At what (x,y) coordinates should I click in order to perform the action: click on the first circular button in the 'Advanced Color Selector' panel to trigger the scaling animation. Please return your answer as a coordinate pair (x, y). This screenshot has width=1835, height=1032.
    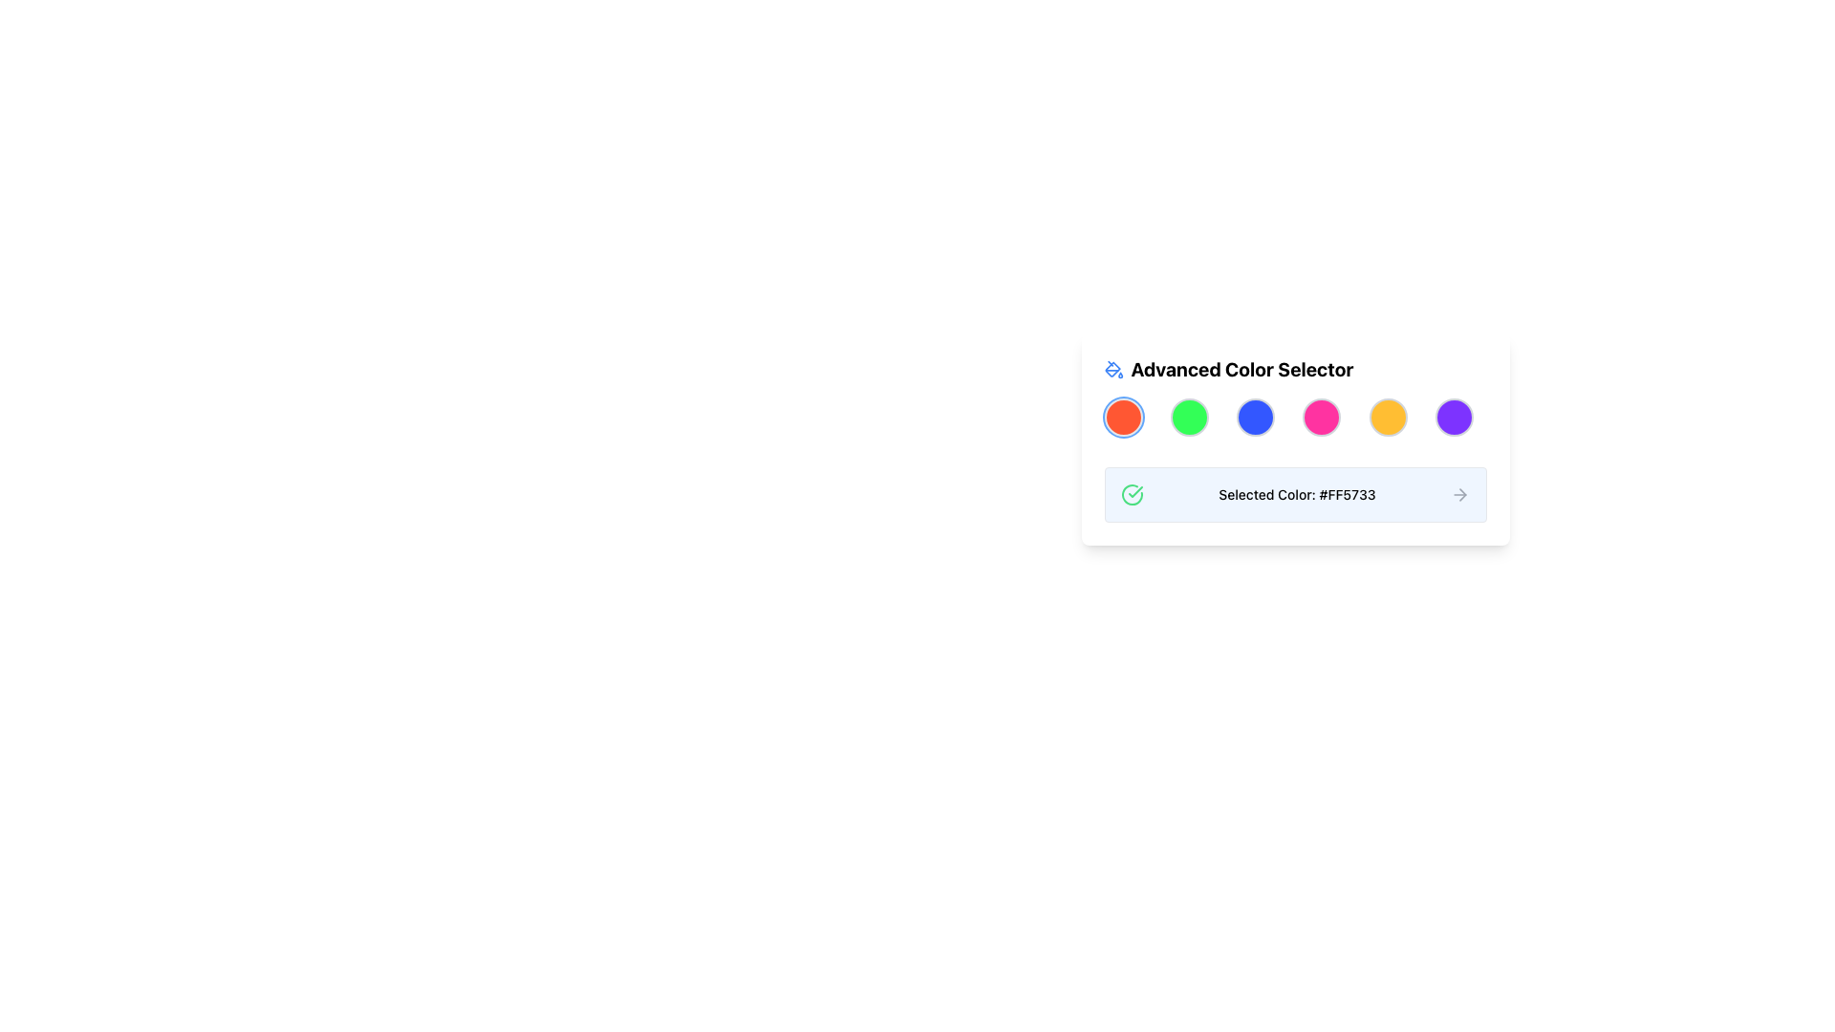
    Looking at the image, I should click on (1123, 416).